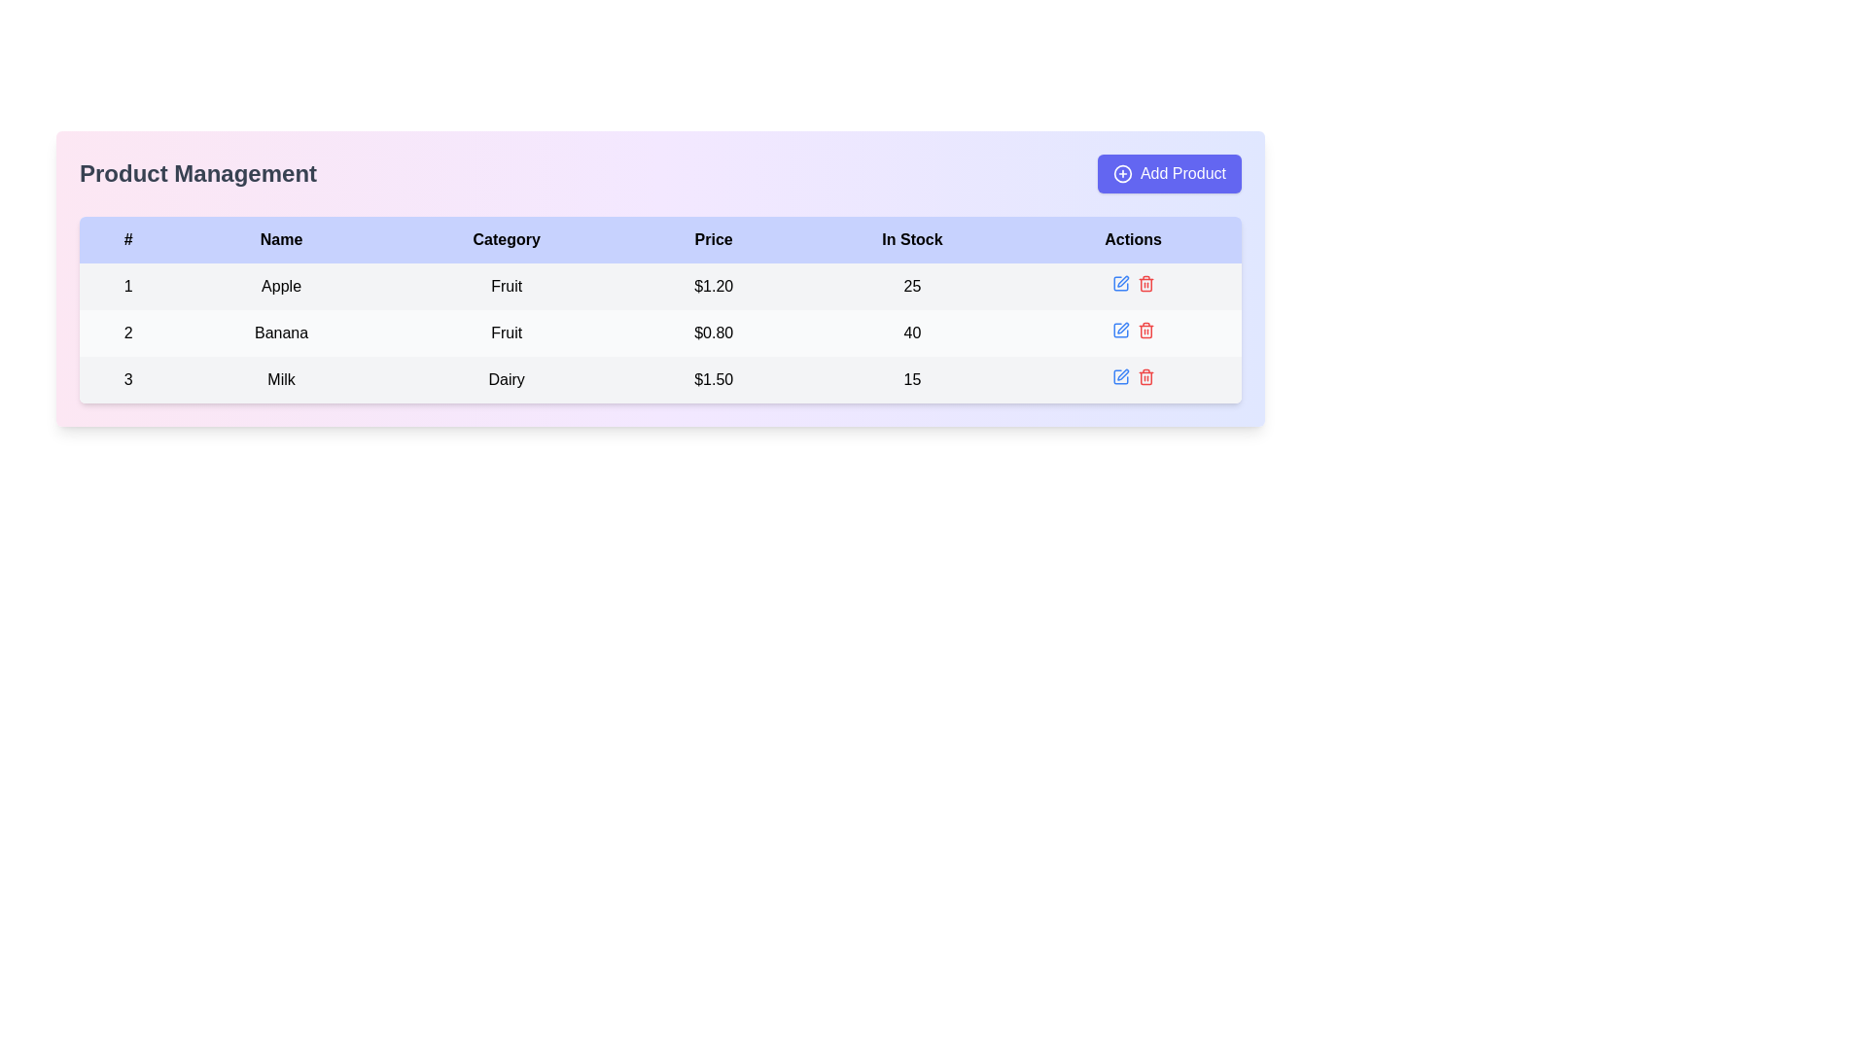 The height and width of the screenshot is (1050, 1867). What do you see at coordinates (280, 379) in the screenshot?
I see `the text label displaying 'Milk' in the second column of the third row of the 'Product Management' table` at bounding box center [280, 379].